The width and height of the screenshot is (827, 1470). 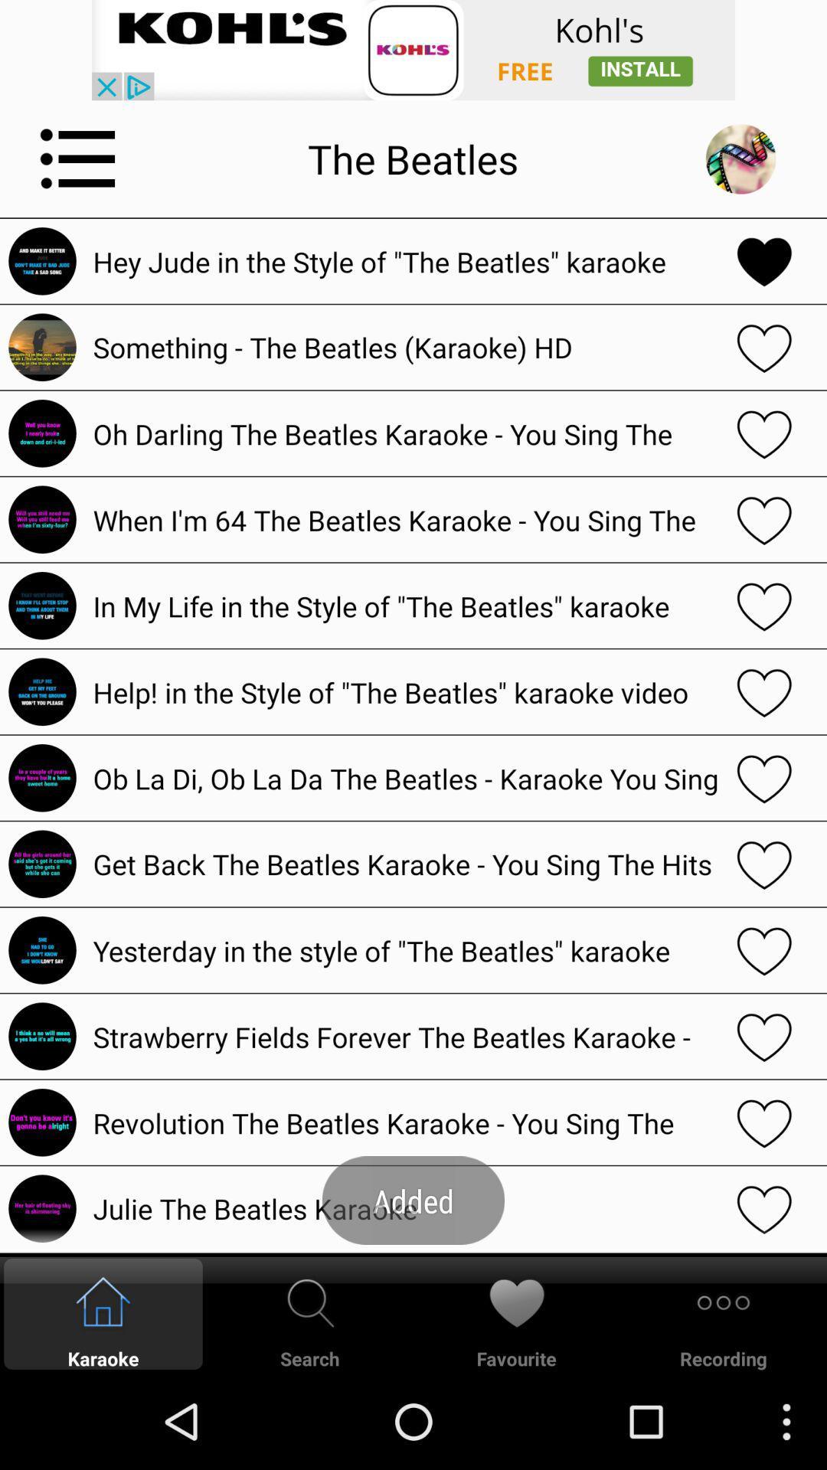 What do you see at coordinates (764, 433) in the screenshot?
I see `to favourites` at bounding box center [764, 433].